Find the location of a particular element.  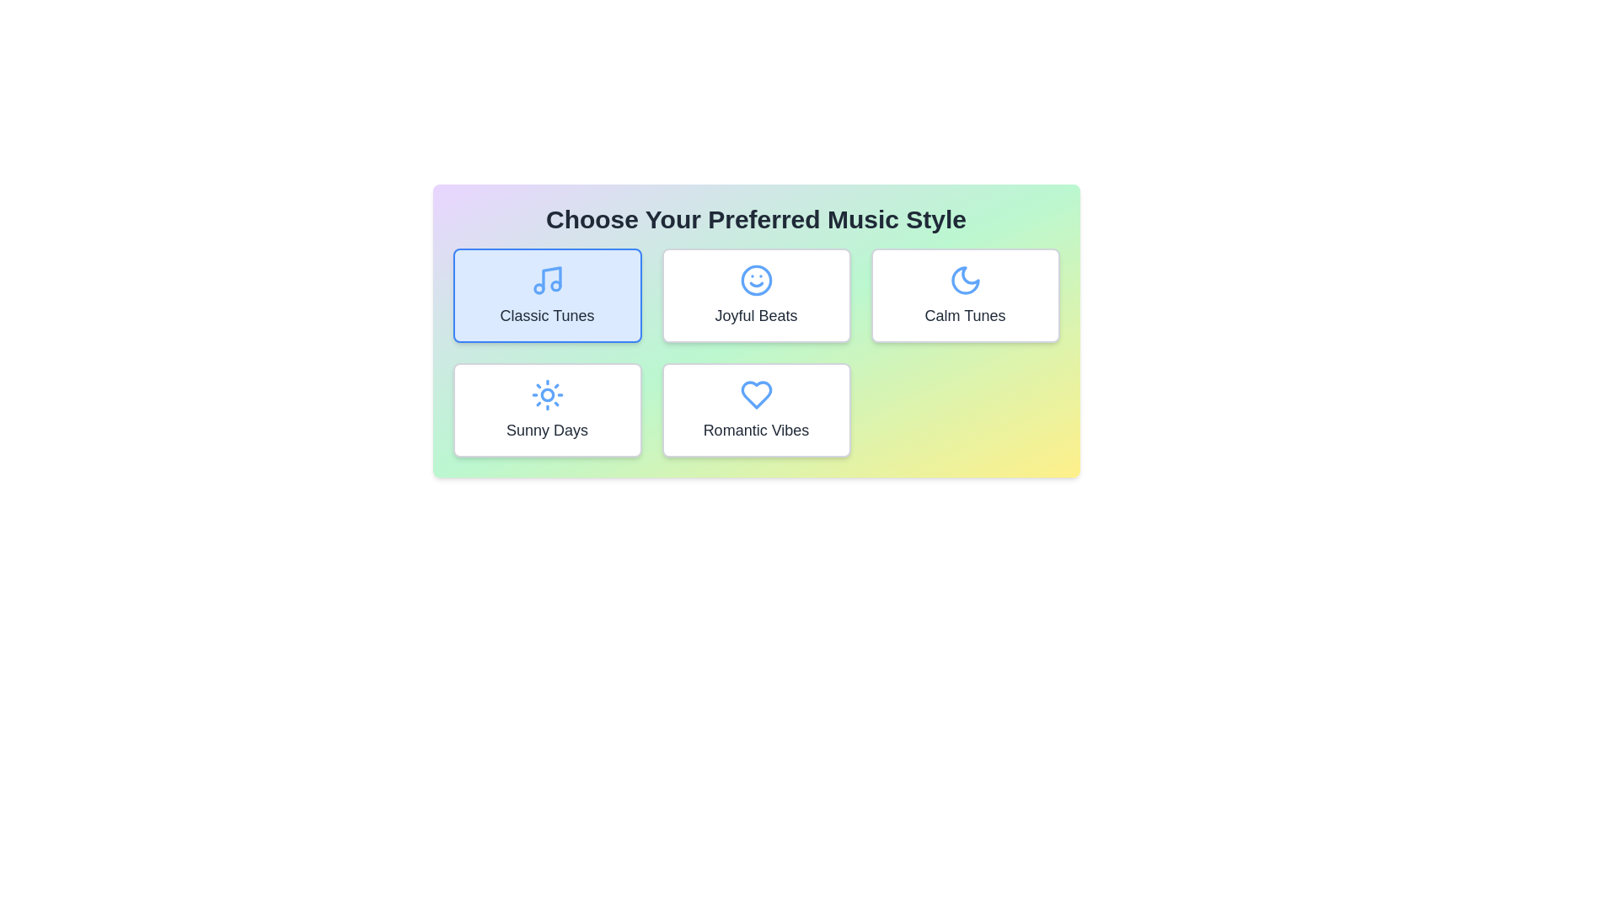

the SVG circle element that represents a smiling face in the 'Joyful Beats' card, located centrally within the card grid under 'Choose Your Preferred Music Style' is located at coordinates (755, 279).